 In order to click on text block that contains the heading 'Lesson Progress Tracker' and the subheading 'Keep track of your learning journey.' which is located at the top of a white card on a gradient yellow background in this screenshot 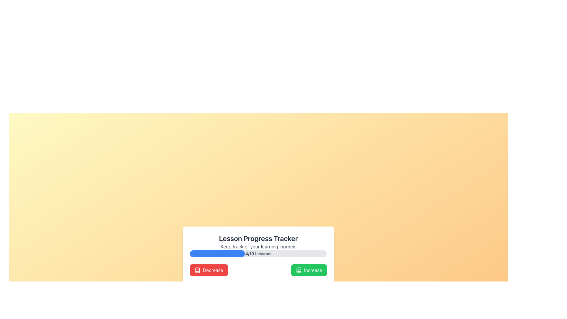, I will do `click(258, 242)`.